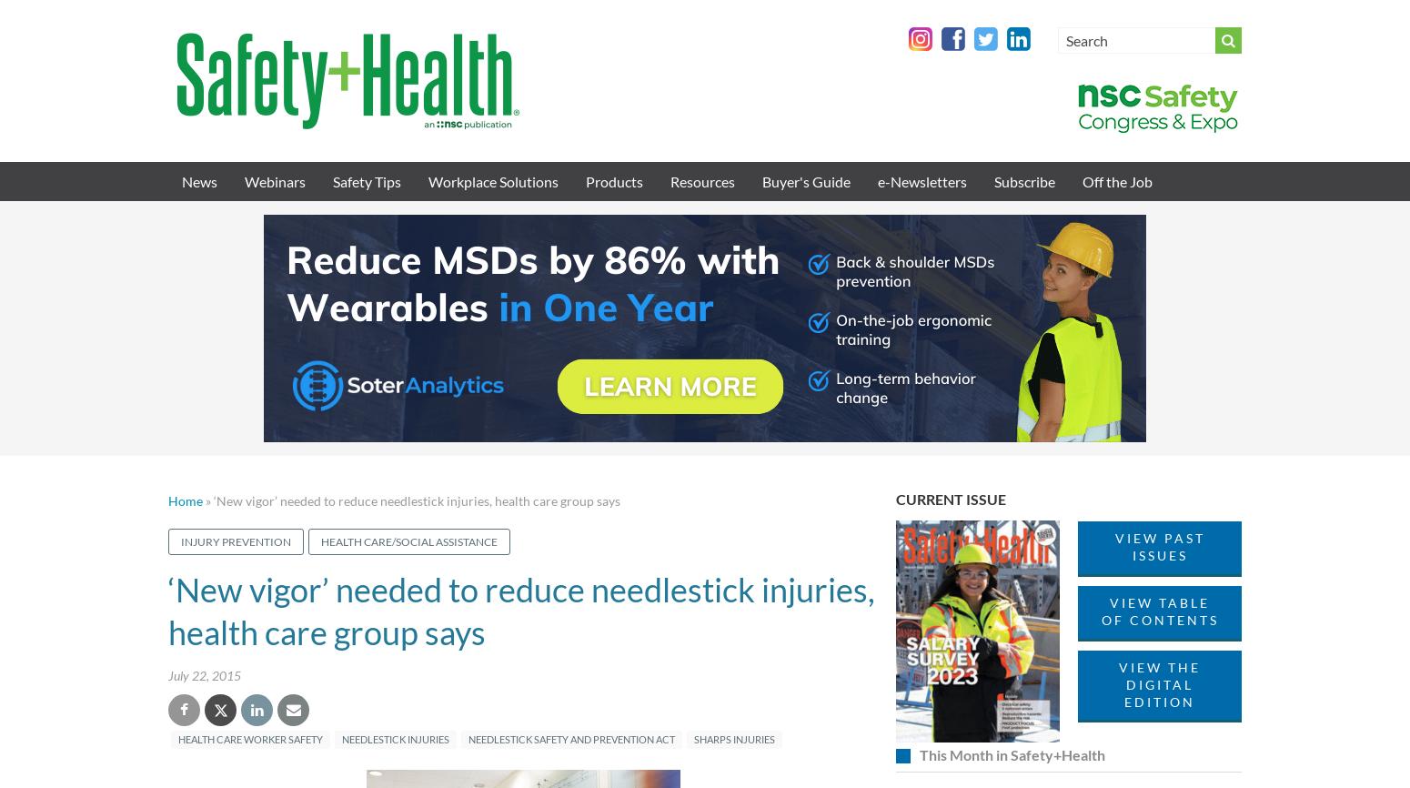 The image size is (1410, 788). Describe the element at coordinates (250, 738) in the screenshot. I see `'Health care worker safety'` at that location.